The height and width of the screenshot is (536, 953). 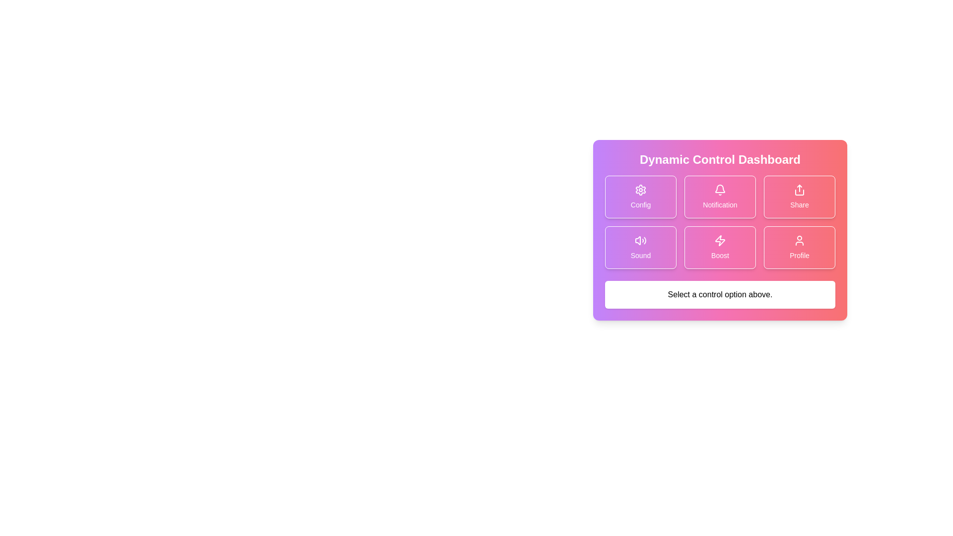 I want to click on the 'Notification' button, which is a rectangular button with rounded edges, featuring a bell icon and a gradient background, located in the second position of the first row in a 3x2 grid layout, so click(x=720, y=197).